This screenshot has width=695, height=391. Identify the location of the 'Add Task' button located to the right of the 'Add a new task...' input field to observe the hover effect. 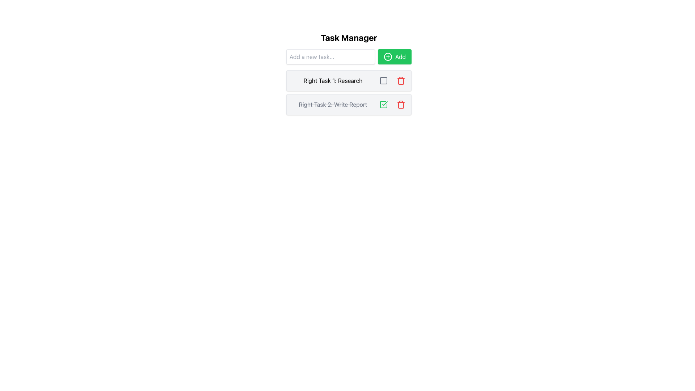
(394, 56).